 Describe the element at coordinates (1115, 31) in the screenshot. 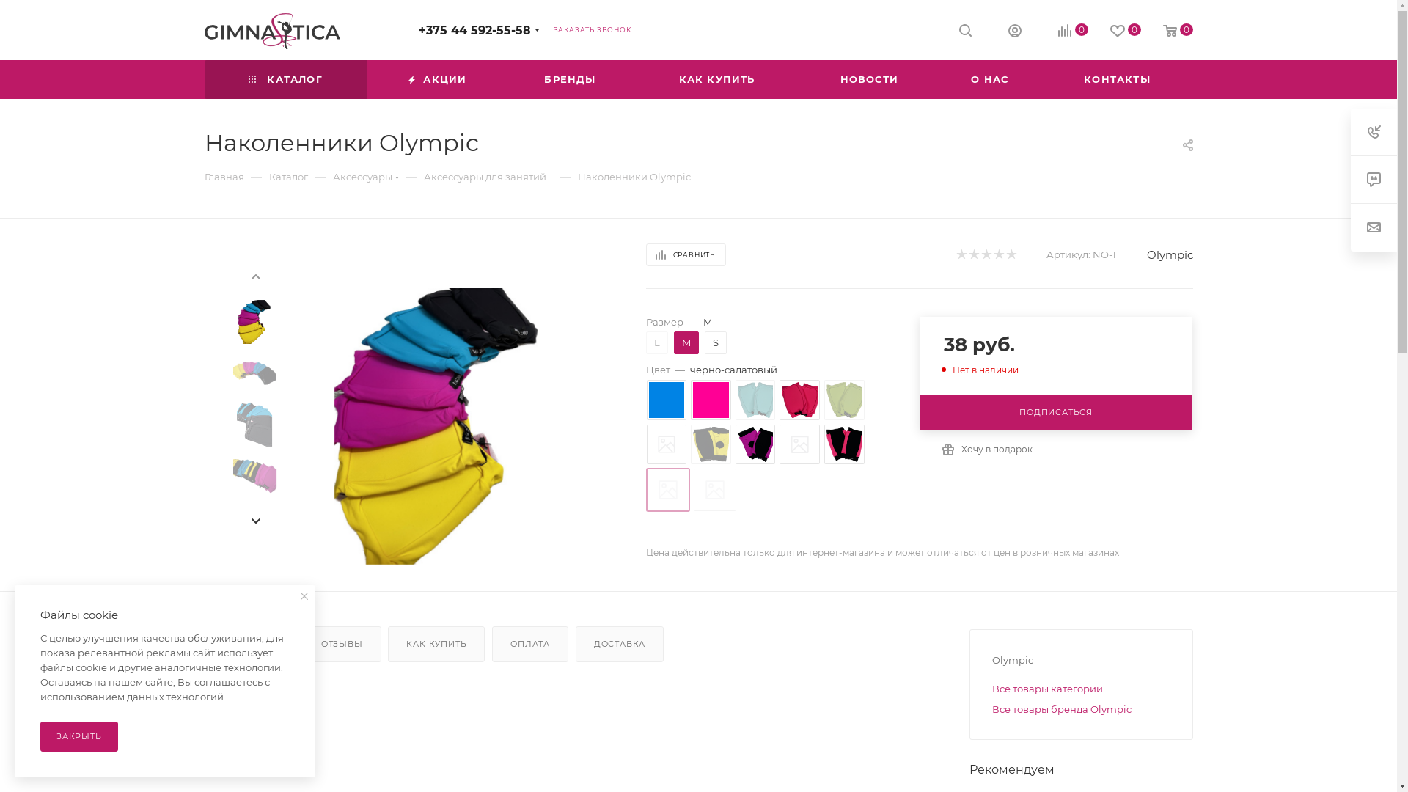

I see `'0'` at that location.